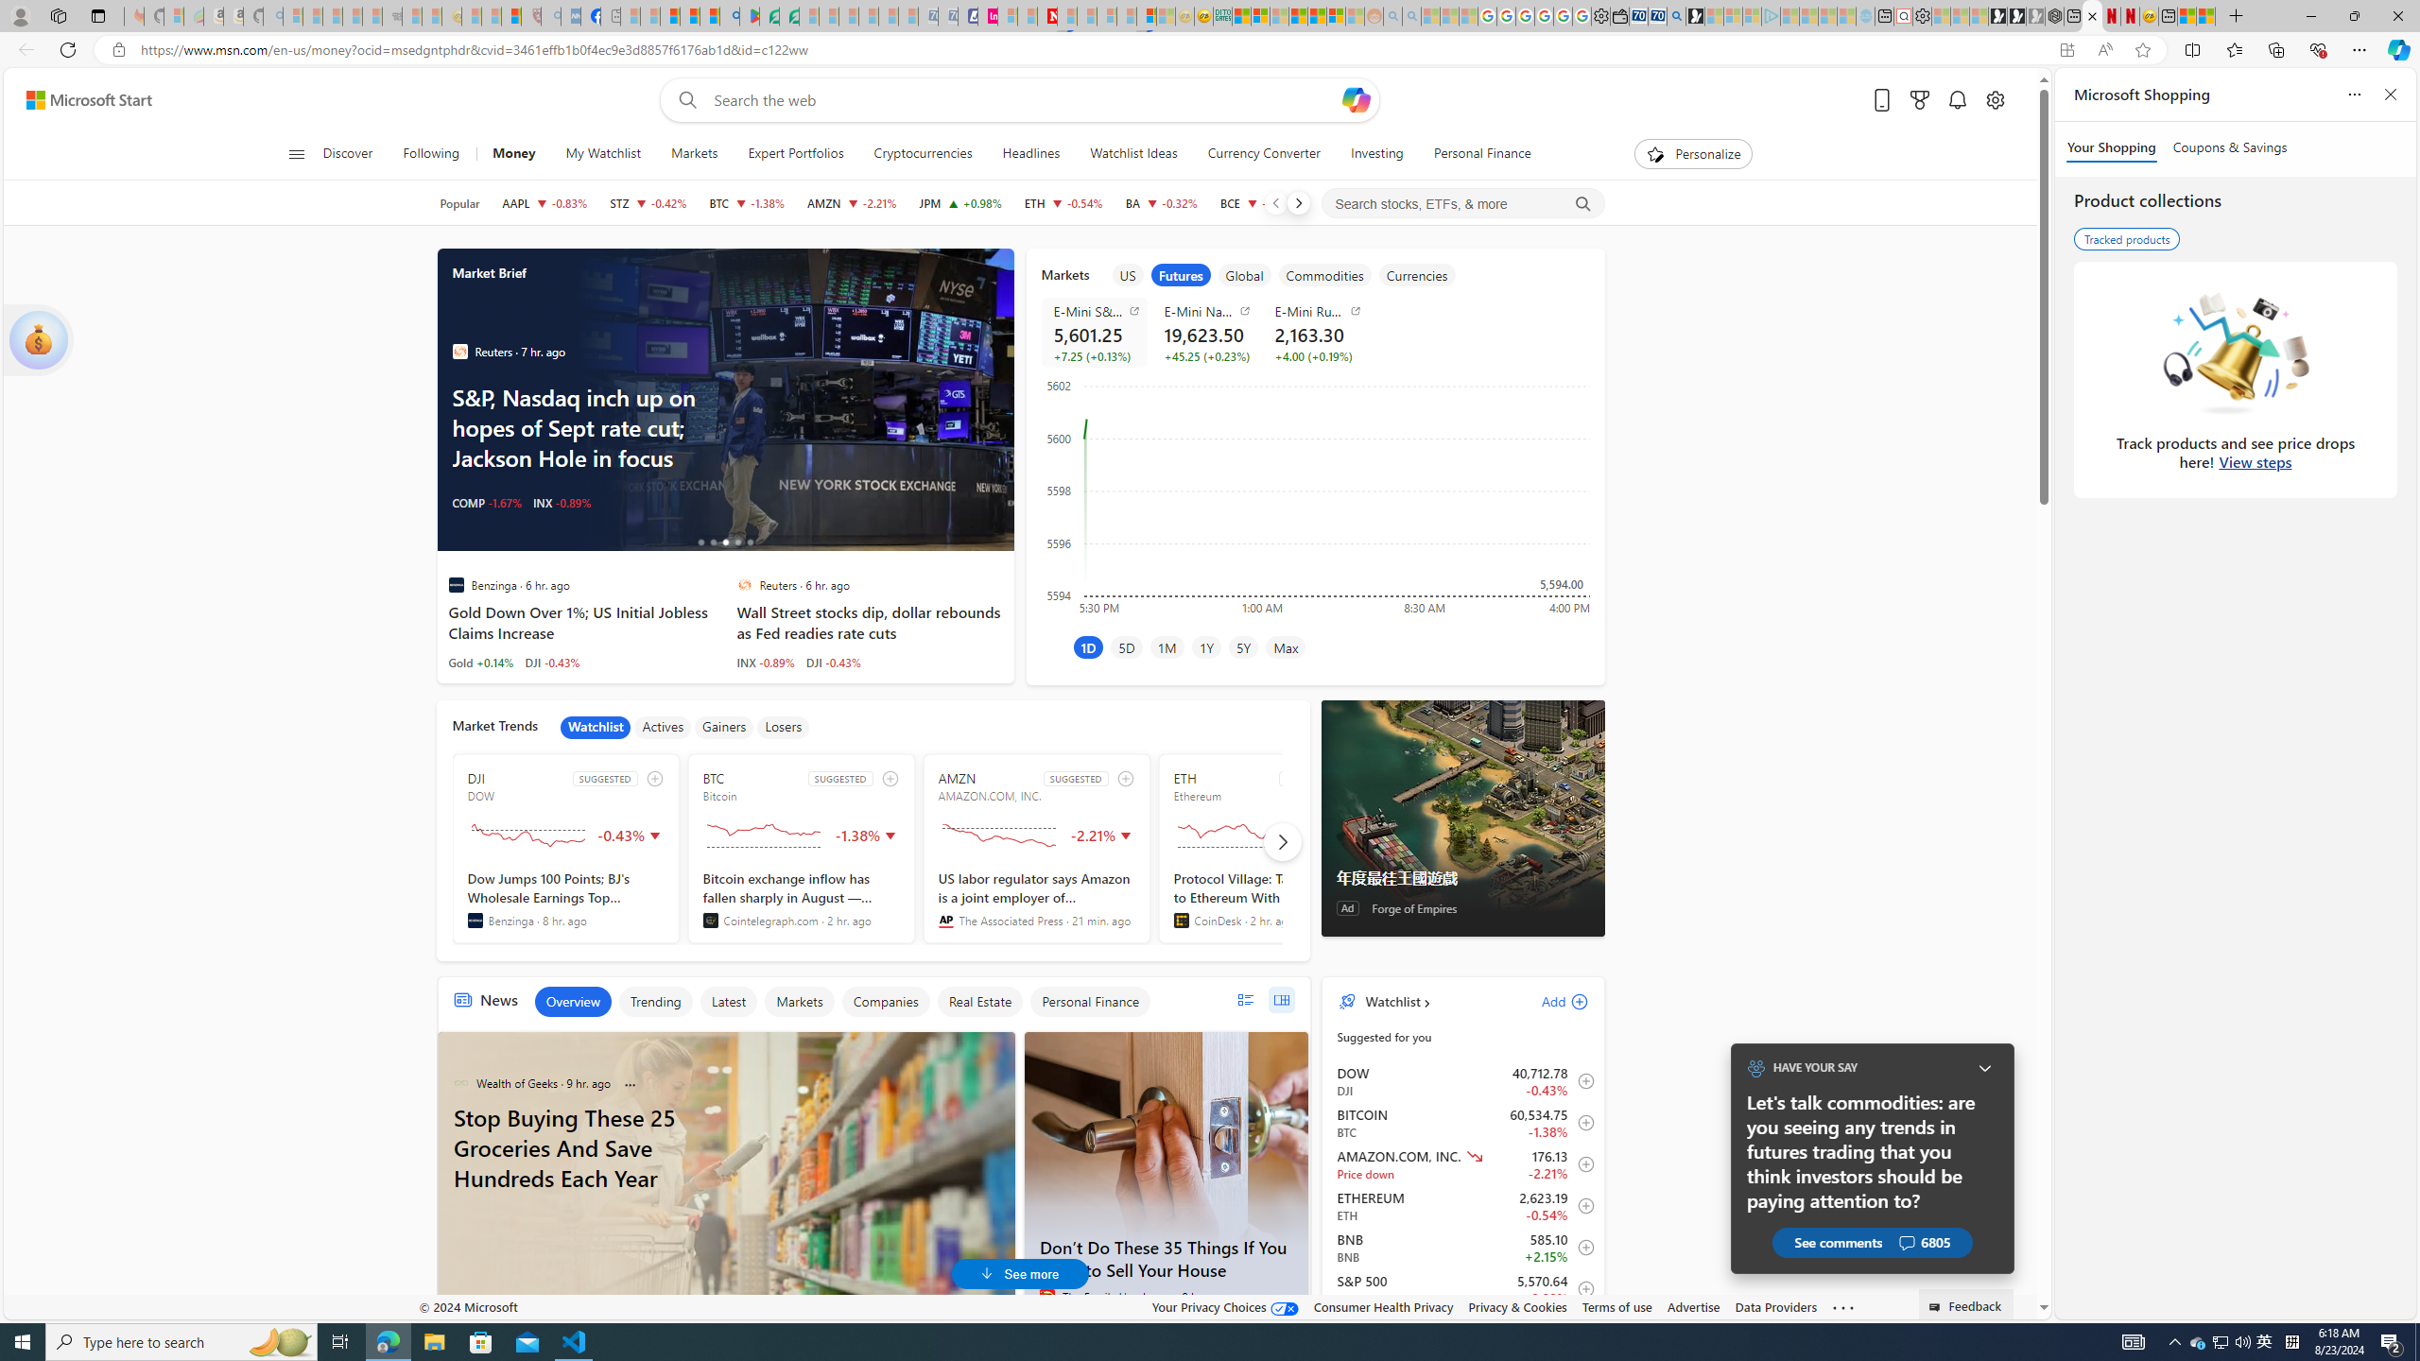 This screenshot has height=1361, width=2420. Describe the element at coordinates (648, 202) in the screenshot. I see `'STZ CONSTELLATION BRANDS, INC. decrease 243.70 -1.04 -0.42%'` at that location.